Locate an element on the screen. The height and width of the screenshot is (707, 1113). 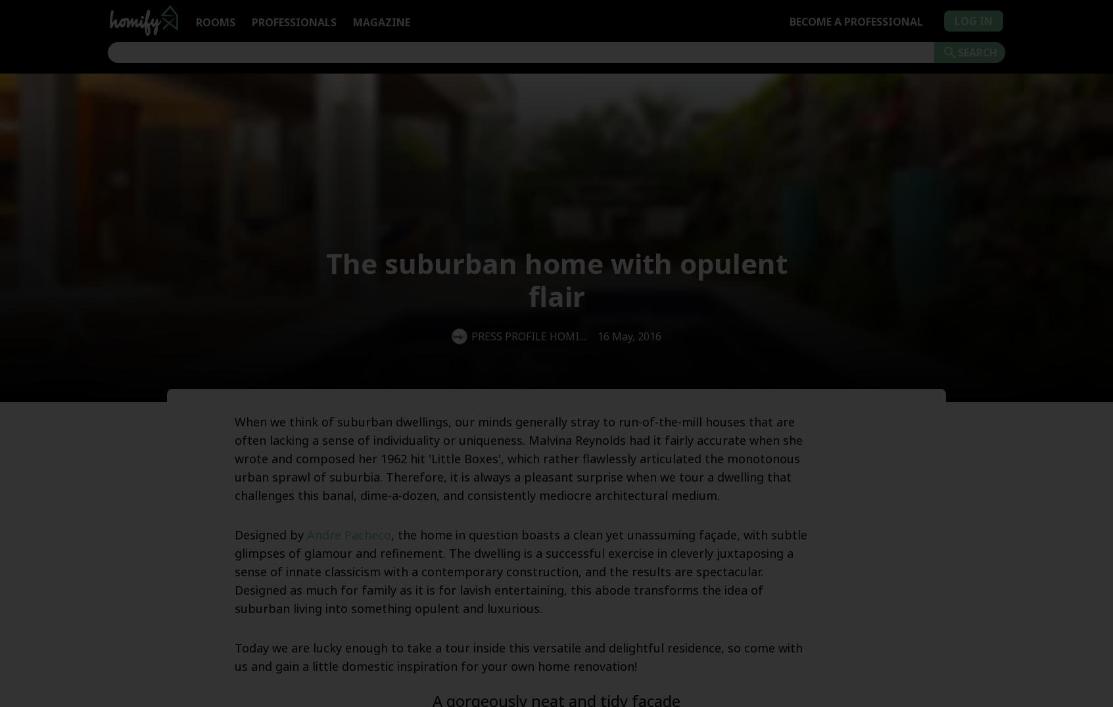
'Search' is located at coordinates (957, 52).